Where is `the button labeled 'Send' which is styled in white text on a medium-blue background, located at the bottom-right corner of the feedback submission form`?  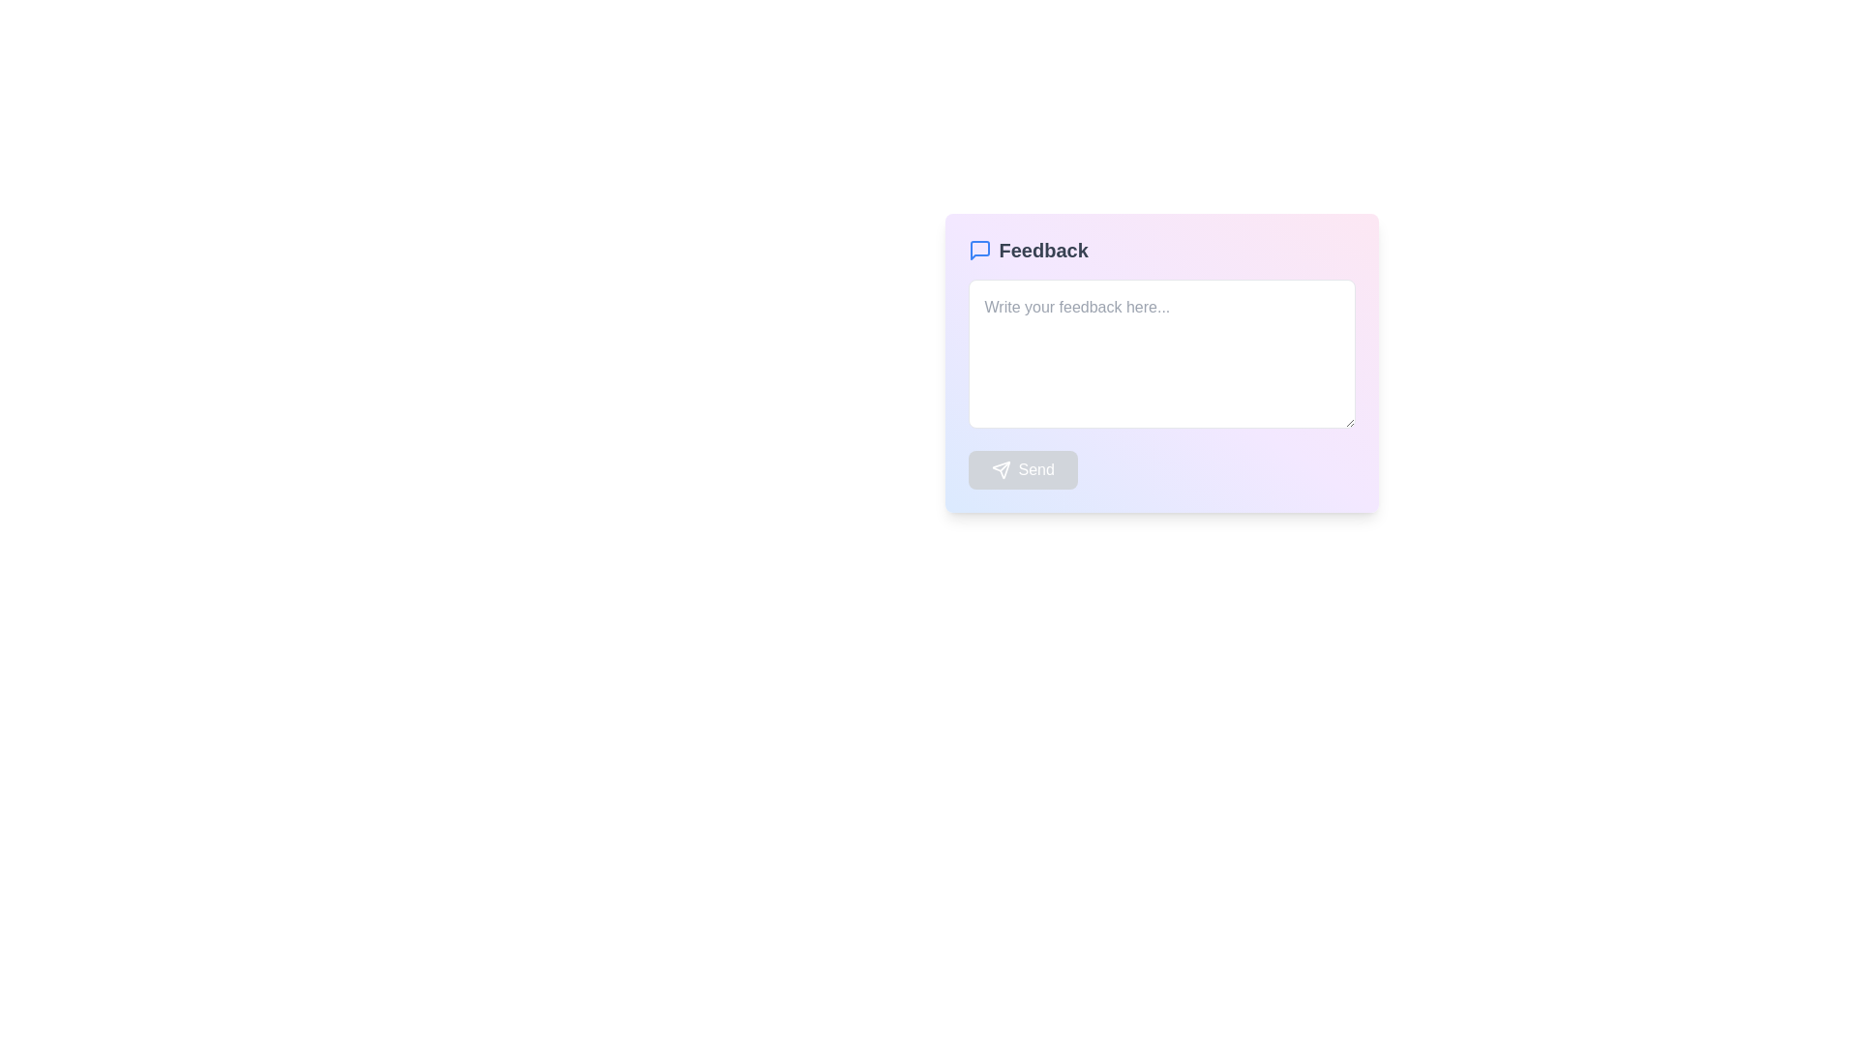 the button labeled 'Send' which is styled in white text on a medium-blue background, located at the bottom-right corner of the feedback submission form is located at coordinates (1035, 470).